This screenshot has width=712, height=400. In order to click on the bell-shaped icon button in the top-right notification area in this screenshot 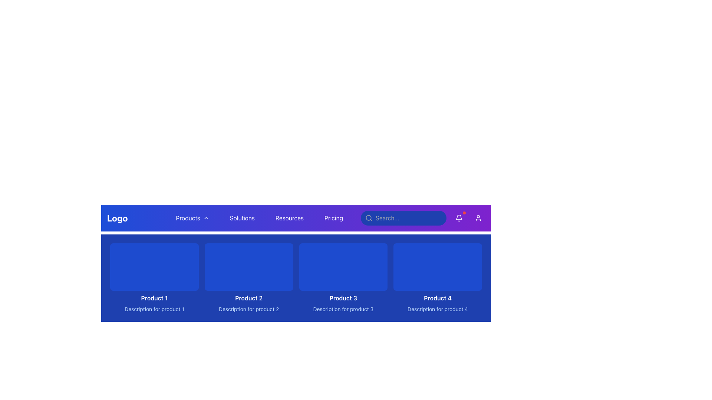, I will do `click(459, 218)`.